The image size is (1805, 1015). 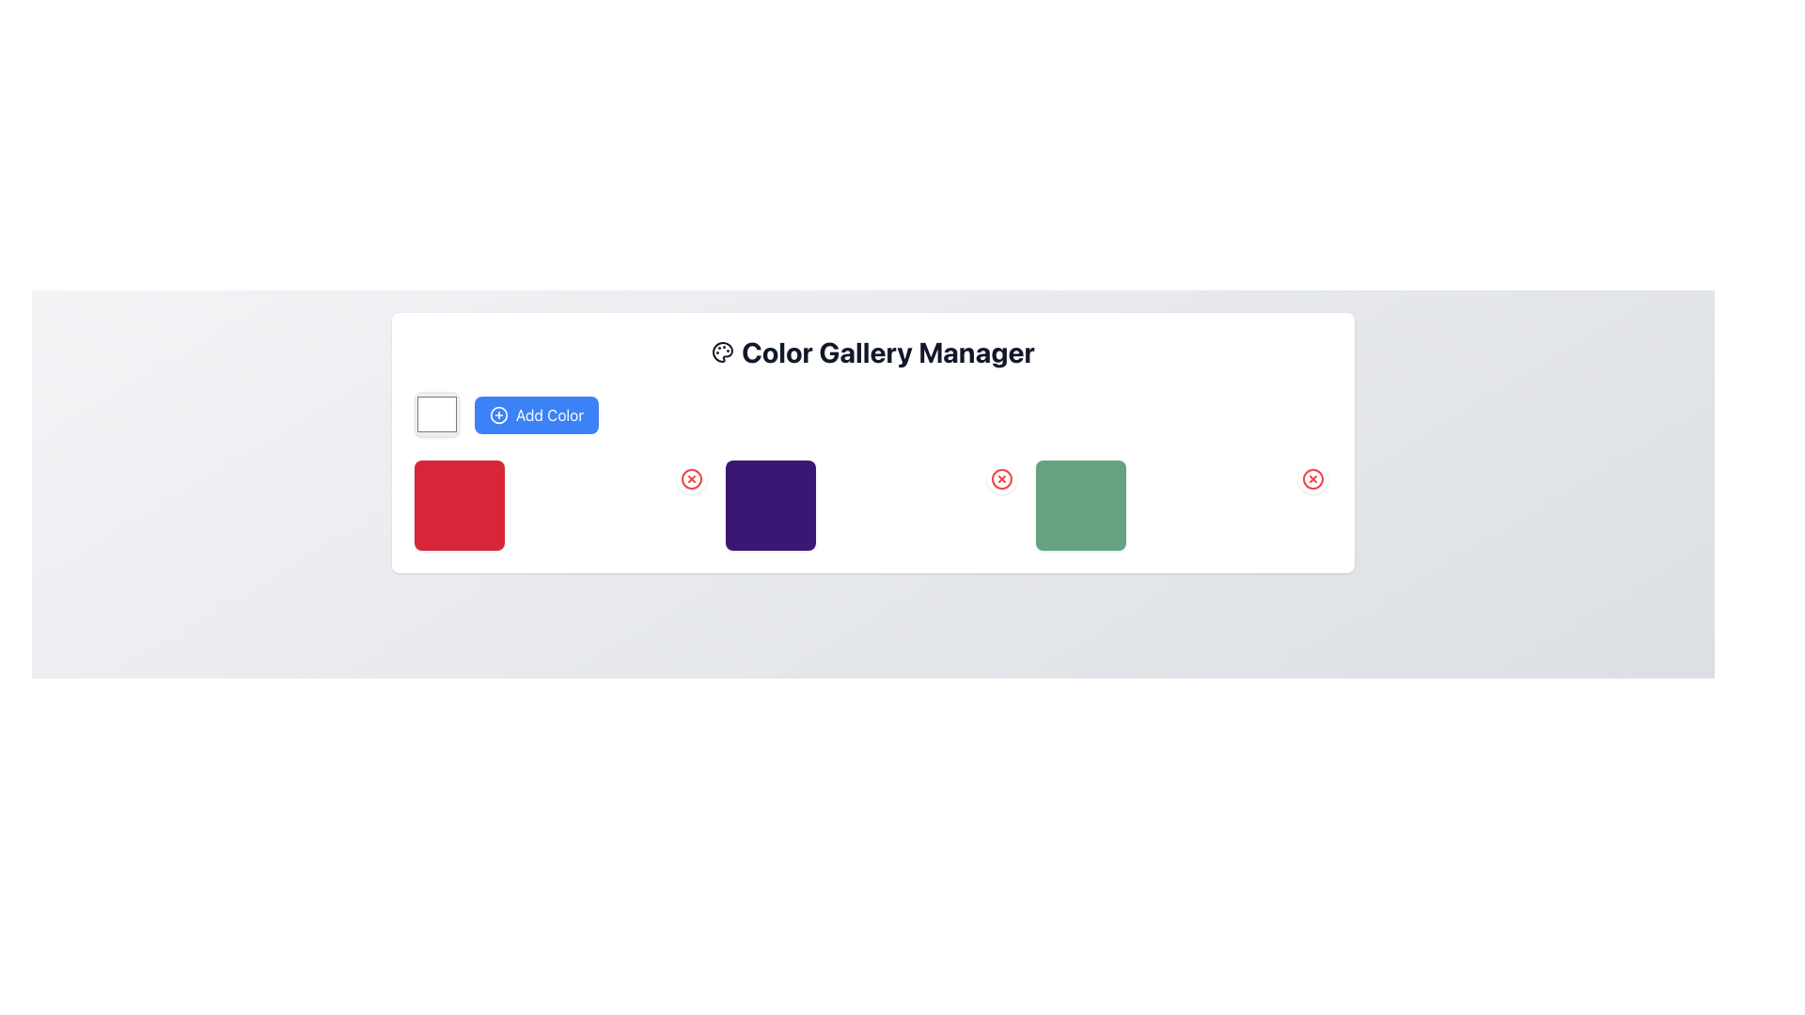 I want to click on the leftmost color swatch located below the 'Add Color' button, so click(x=460, y=504).